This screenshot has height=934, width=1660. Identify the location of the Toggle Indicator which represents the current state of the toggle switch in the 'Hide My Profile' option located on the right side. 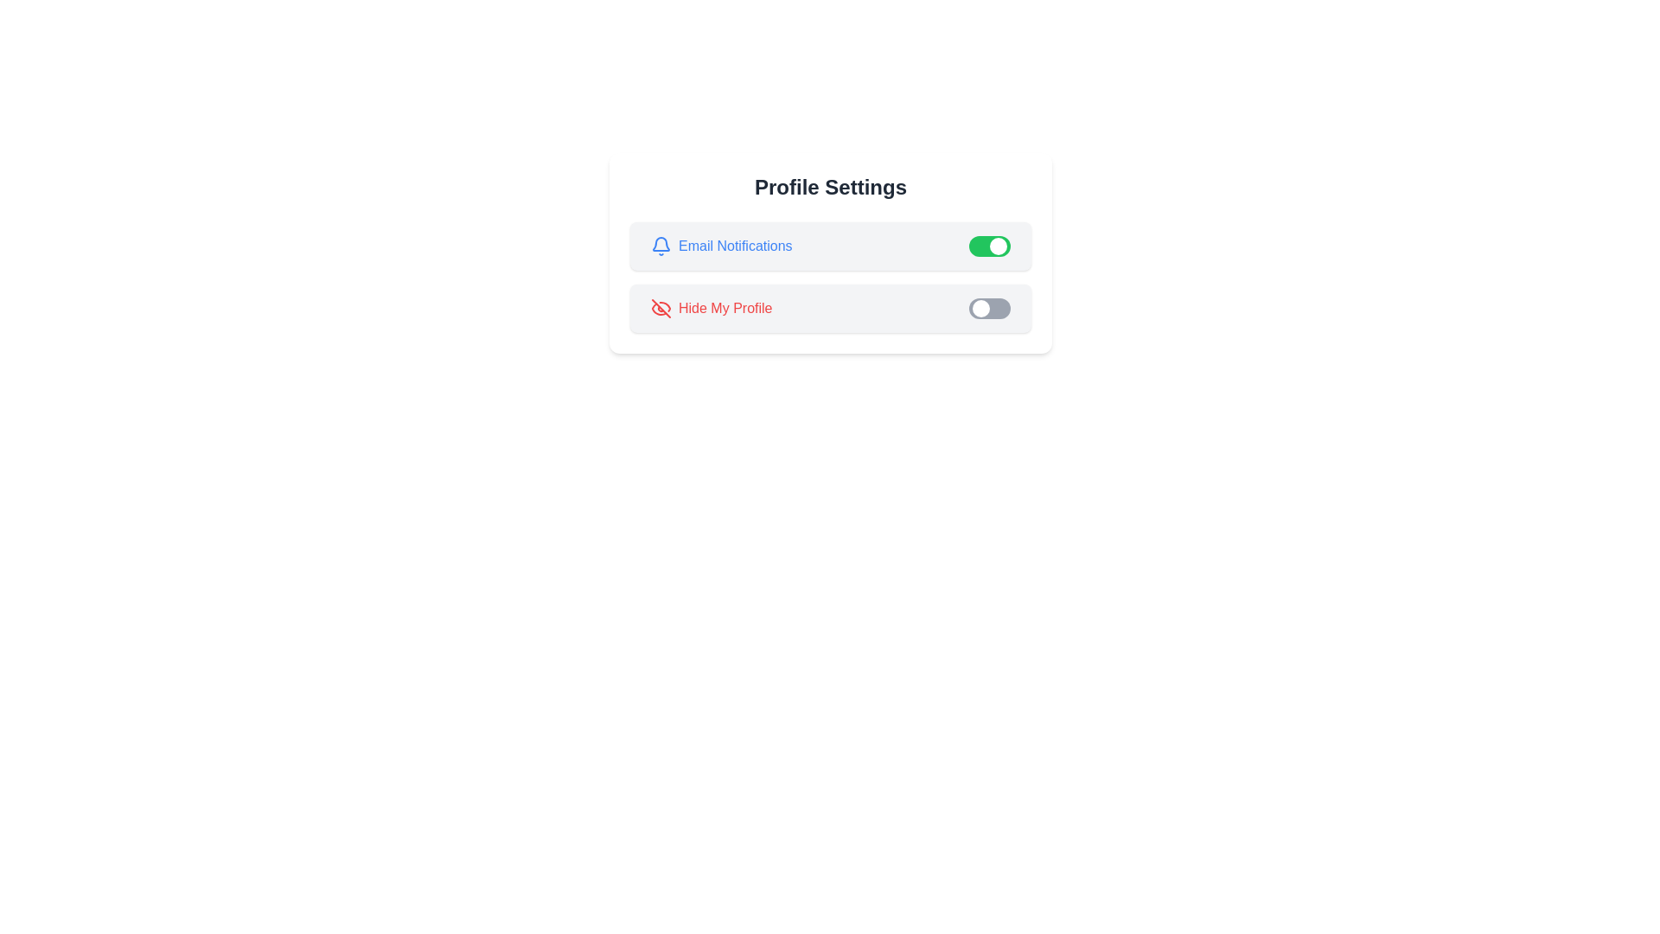
(980, 308).